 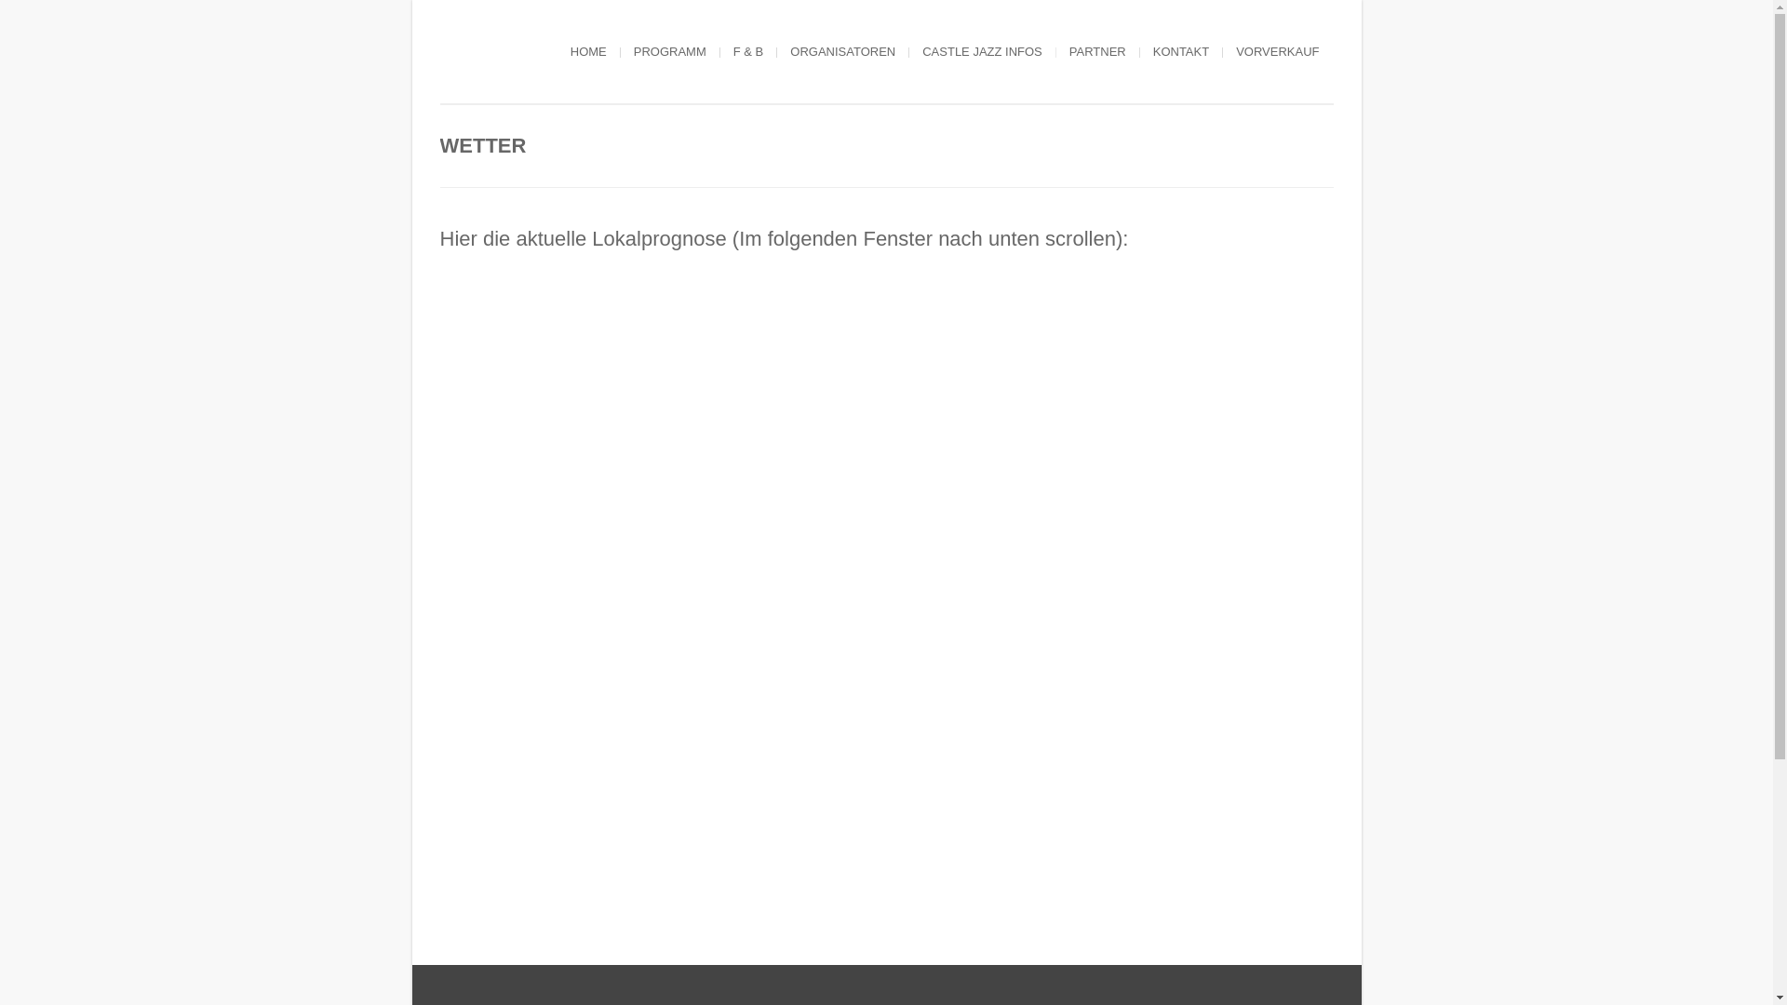 I want to click on 'KONTAKT', so click(x=1179, y=50).